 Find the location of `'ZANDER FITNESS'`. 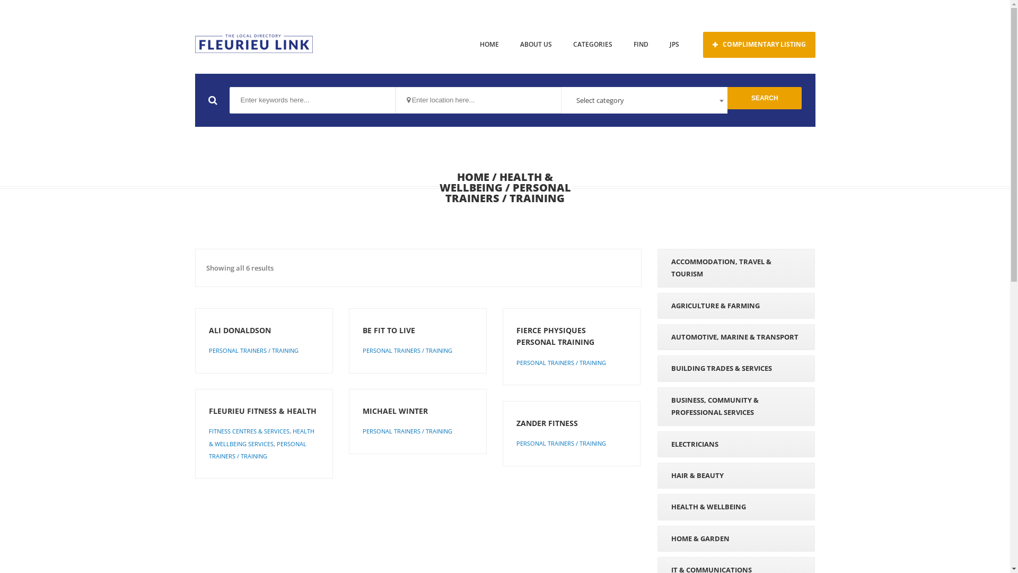

'ZANDER FITNESS' is located at coordinates (571, 423).